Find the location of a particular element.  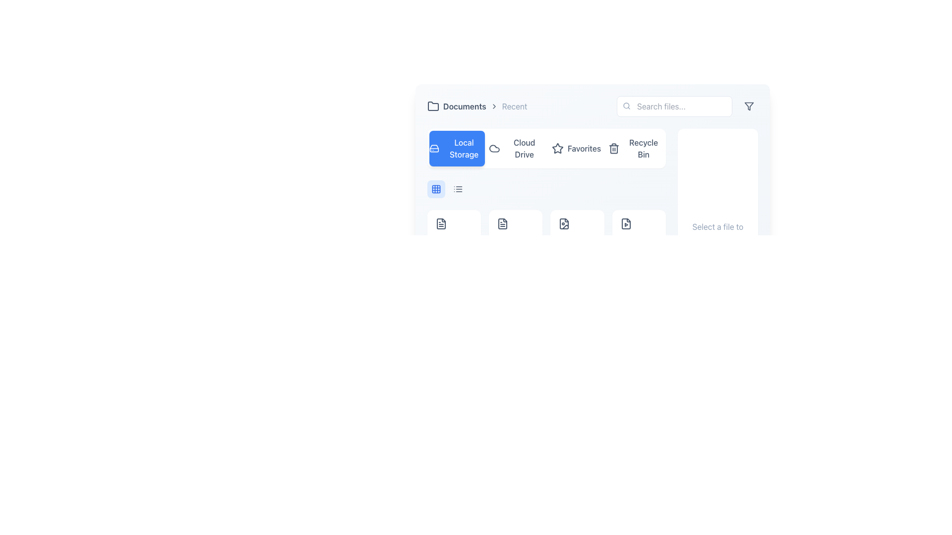

the 'Image.jpg' file item display box is located at coordinates (577, 239).